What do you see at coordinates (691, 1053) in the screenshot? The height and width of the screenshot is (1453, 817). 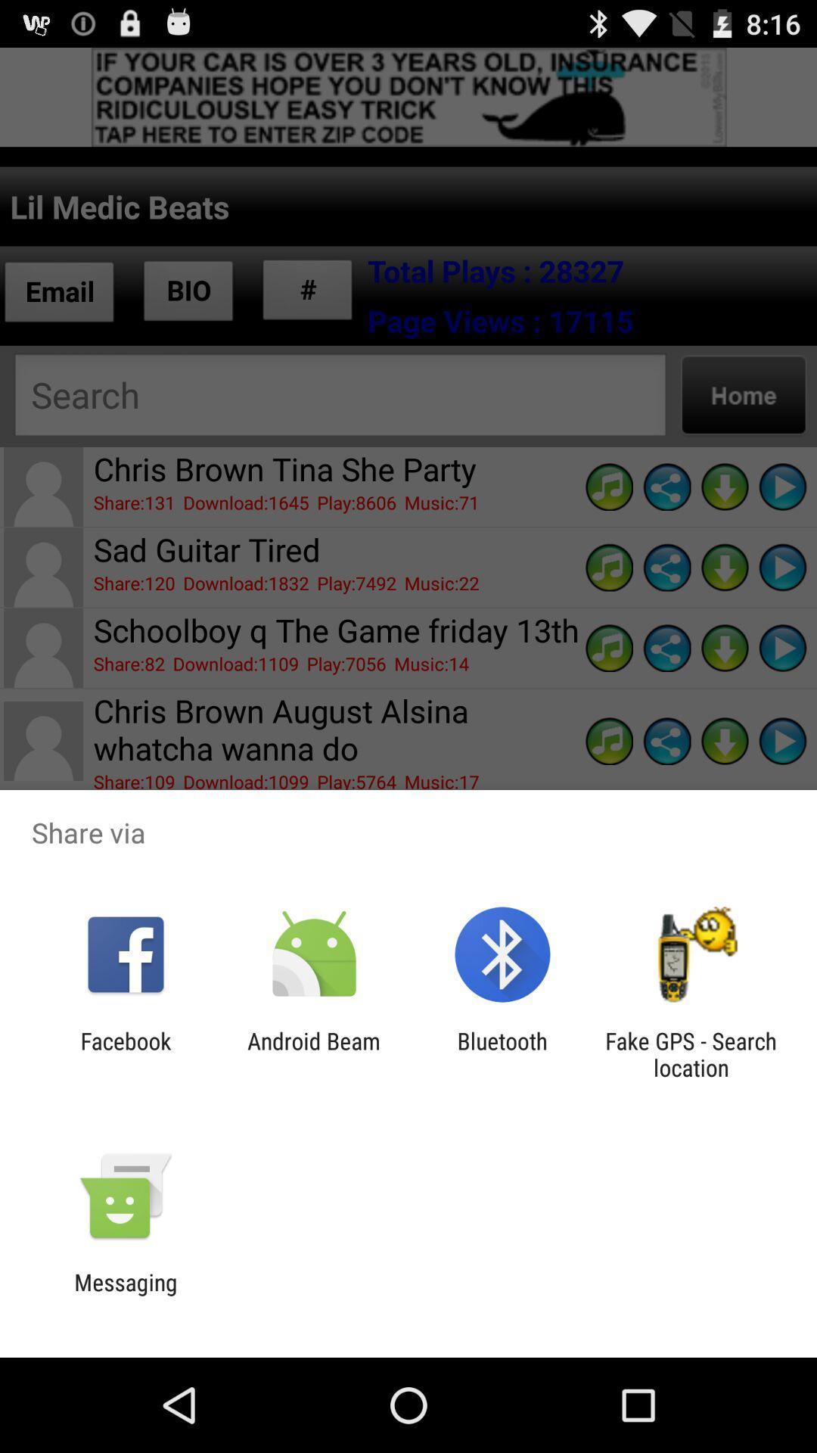 I see `the fake gps search icon` at bounding box center [691, 1053].